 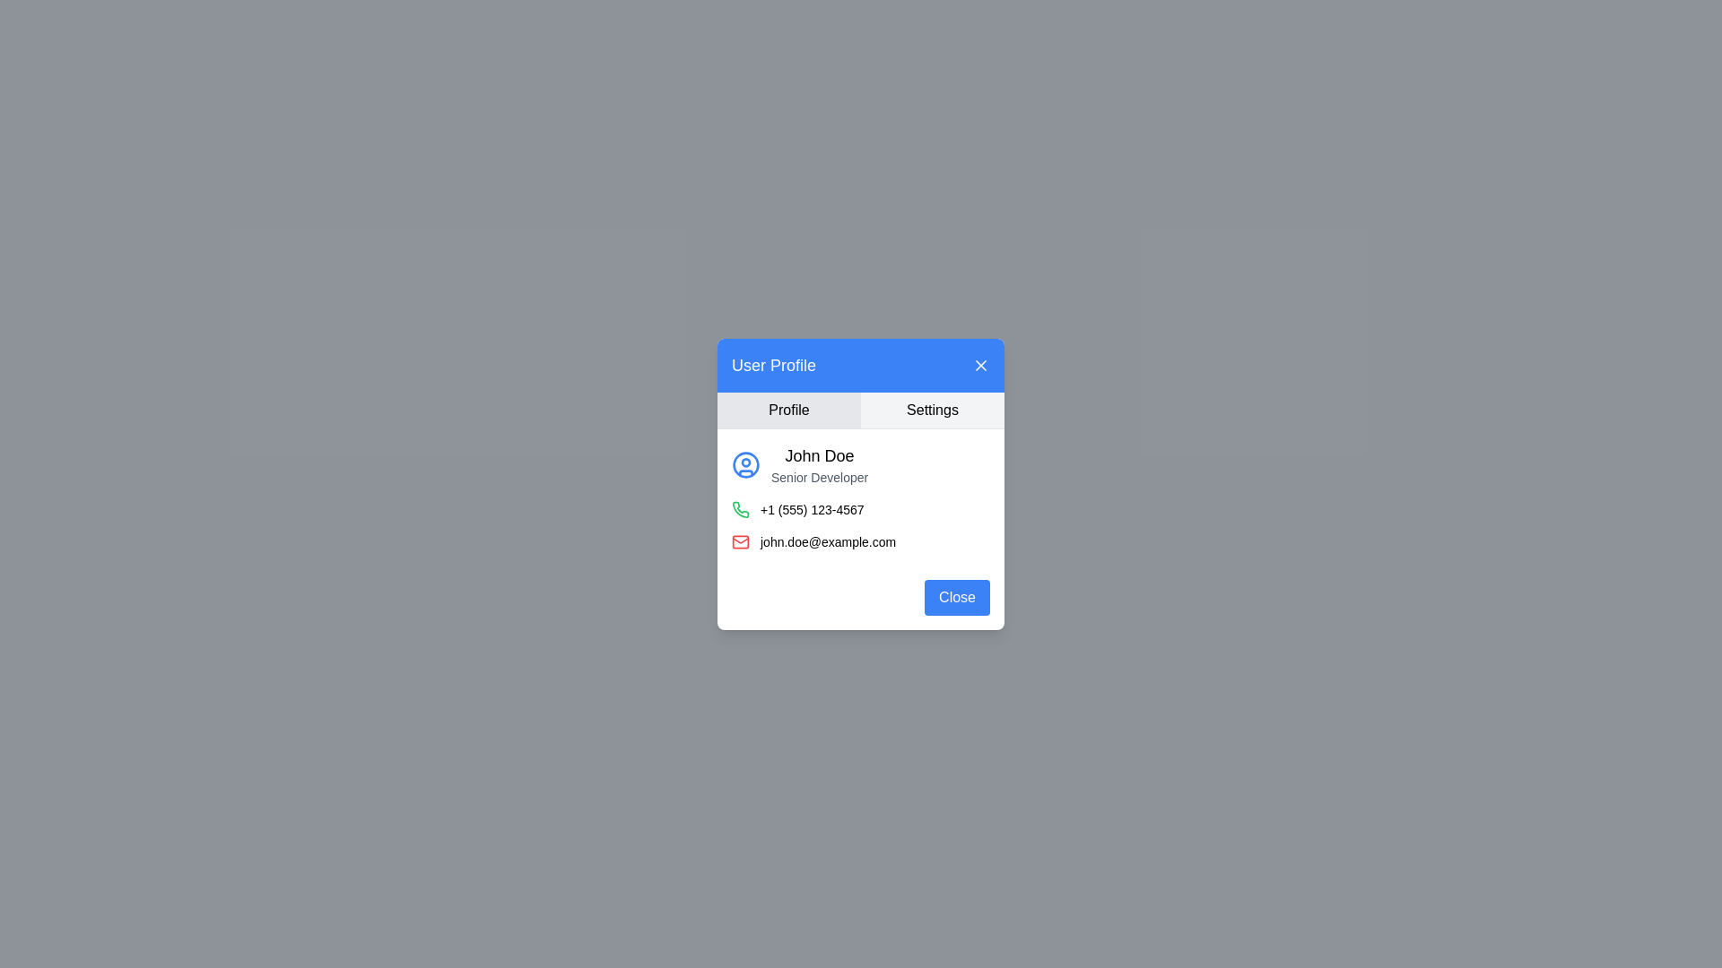 I want to click on information displayed in the 'User Profile' dialog, specifically the name 'John Doe' and the subtitle 'Senior Developer', which are presented in a visually distinct manner, so click(x=819, y=463).